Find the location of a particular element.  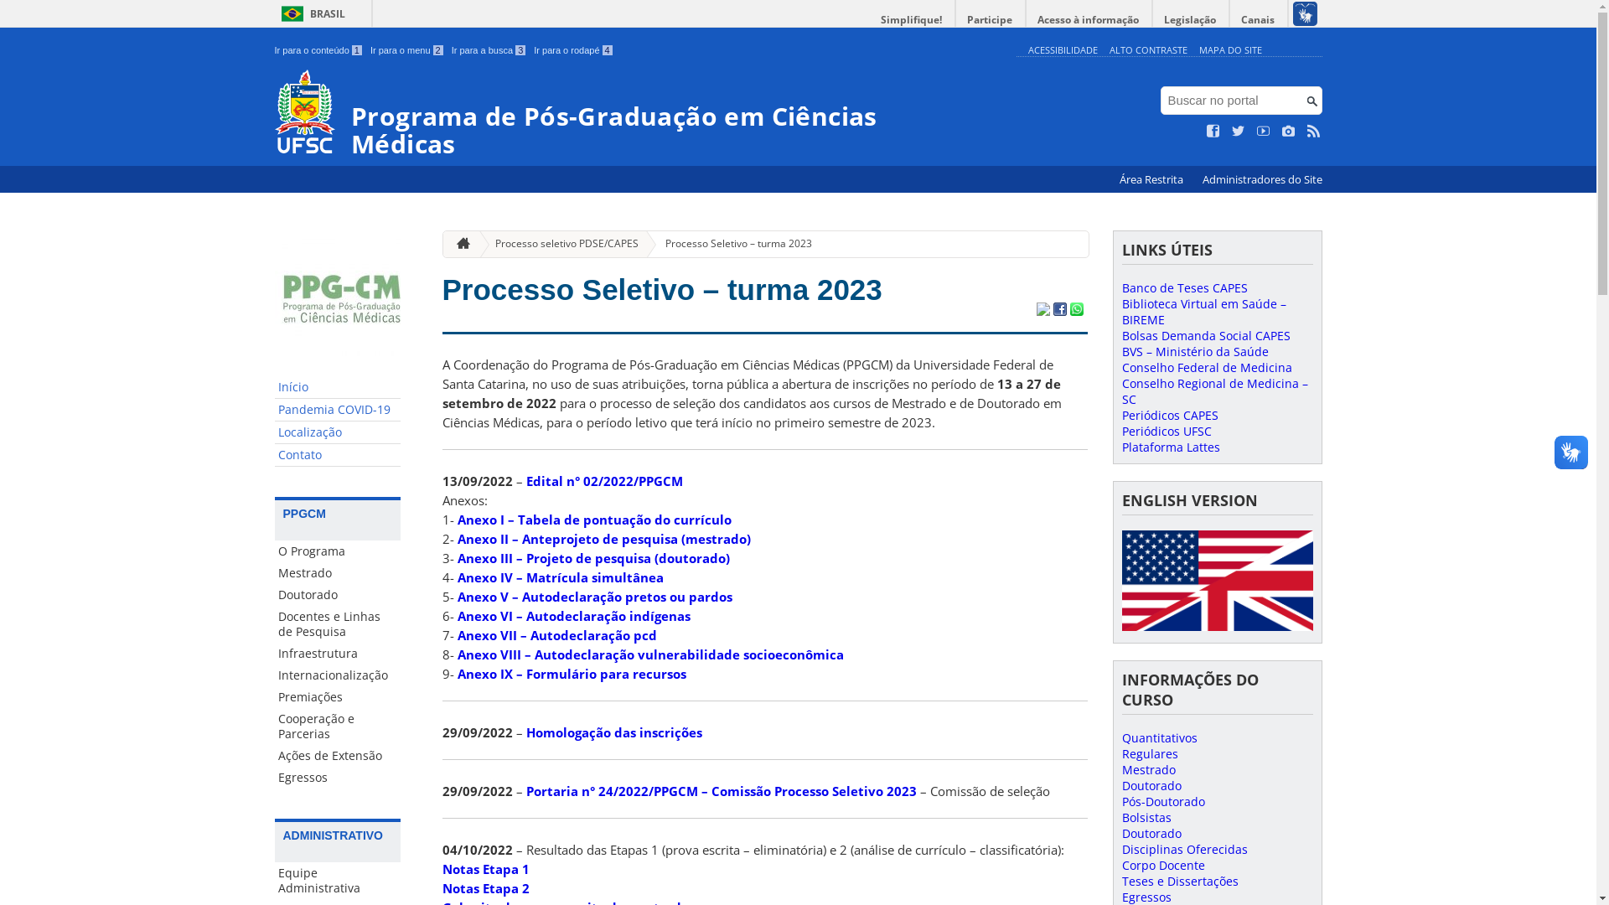

'Contato' is located at coordinates (337, 455).